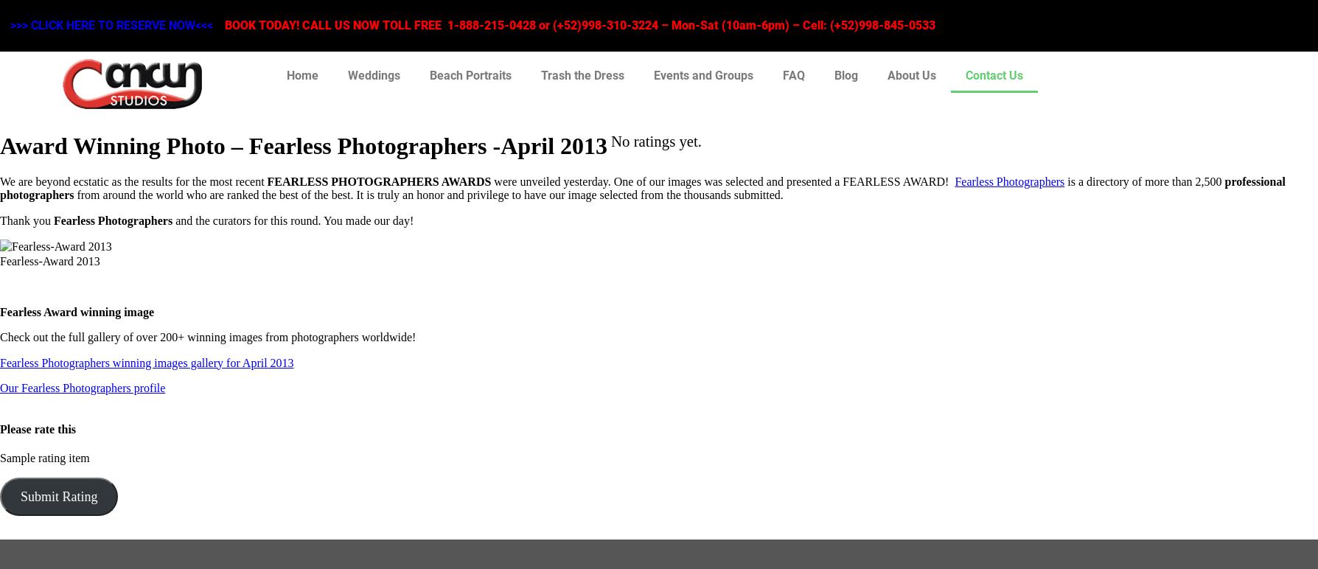 The height and width of the screenshot is (569, 1318). What do you see at coordinates (206, 337) in the screenshot?
I see `'Check out the full gallery of over 200+ winning images from photographers worldwide!'` at bounding box center [206, 337].